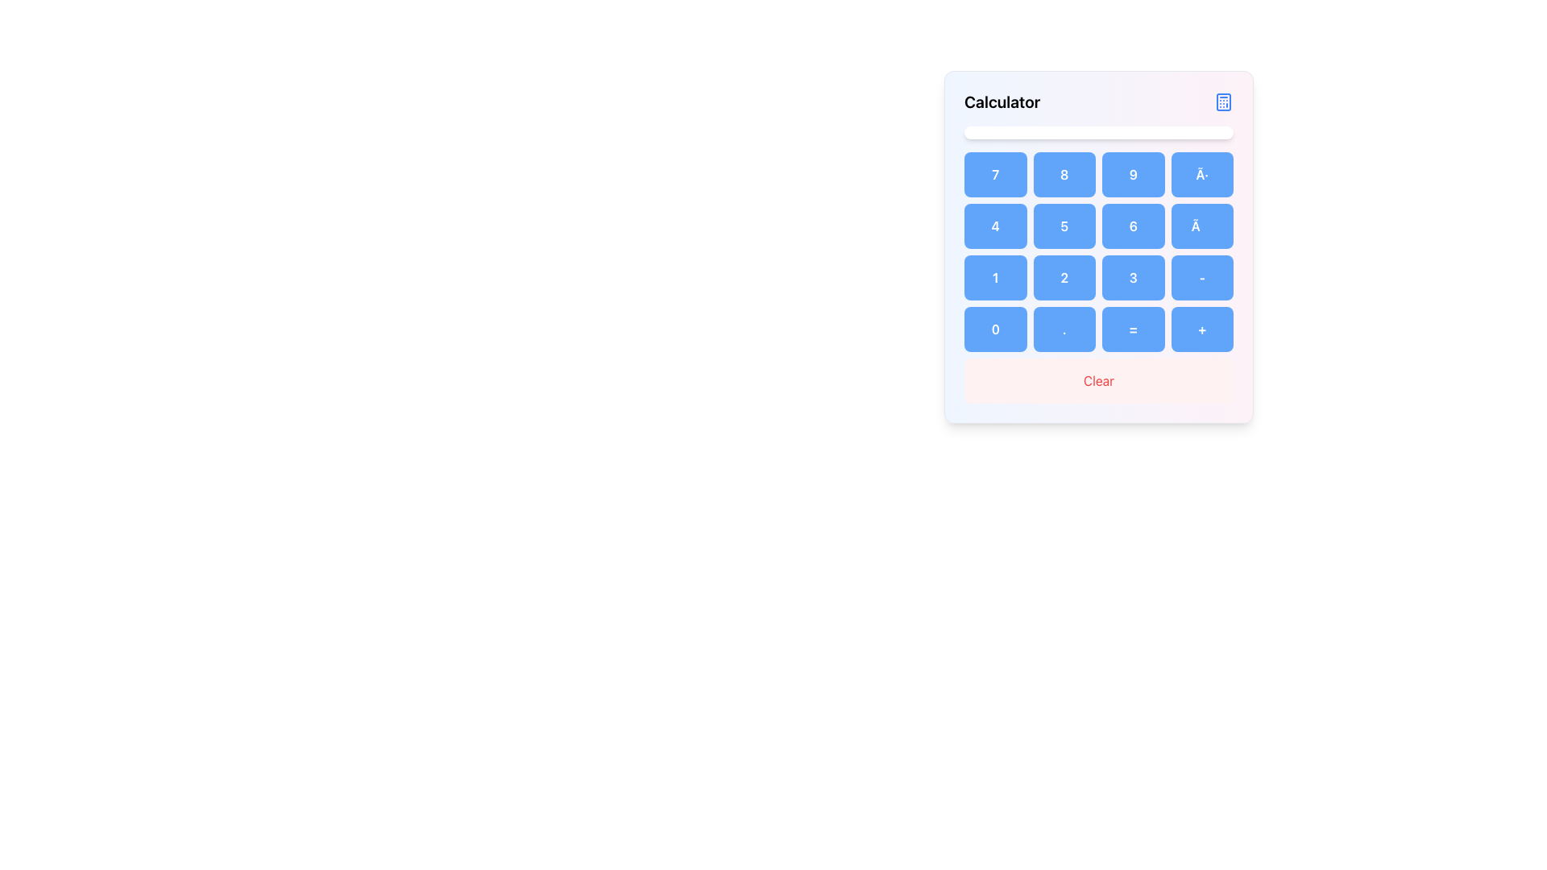  I want to click on the addition button located at the bottom-right of the calculator grid to input the addition operator into the computation sequence, so click(1202, 328).